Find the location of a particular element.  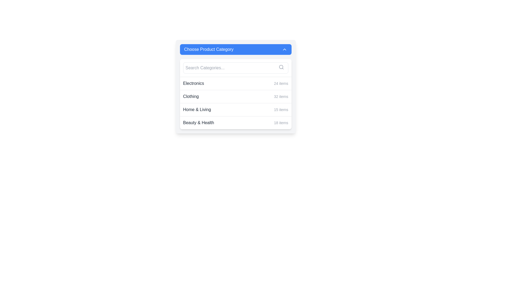

the search icon, represented by a magnifying glass symbol in light gray, located at the top-right corner of the search bar to initiate a search is located at coordinates (281, 67).